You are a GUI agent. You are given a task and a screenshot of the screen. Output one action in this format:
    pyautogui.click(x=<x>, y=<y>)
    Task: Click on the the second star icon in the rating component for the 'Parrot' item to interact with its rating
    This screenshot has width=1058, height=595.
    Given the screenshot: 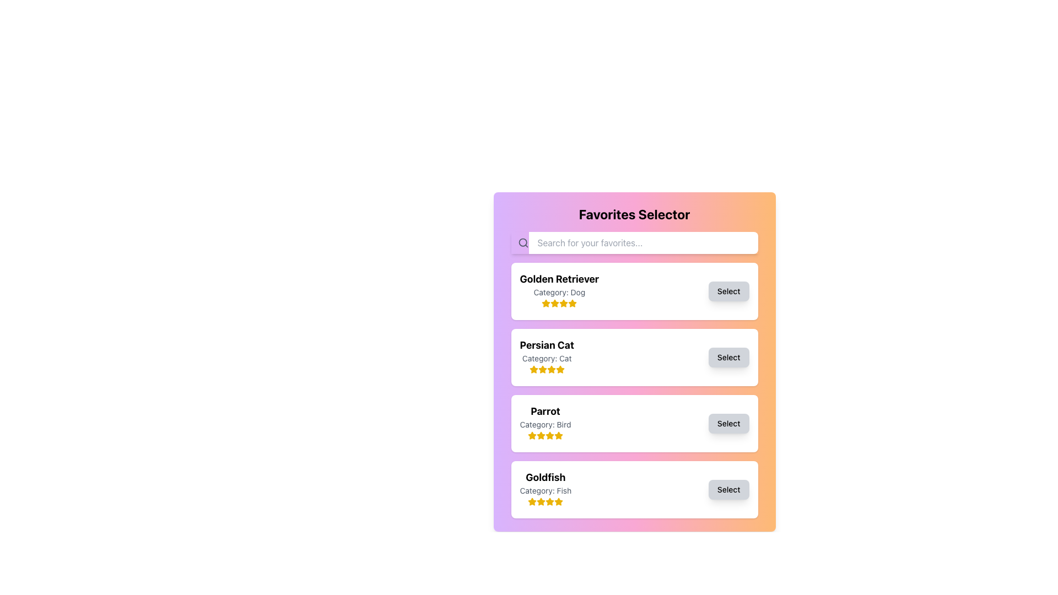 What is the action you would take?
    pyautogui.click(x=541, y=435)
    